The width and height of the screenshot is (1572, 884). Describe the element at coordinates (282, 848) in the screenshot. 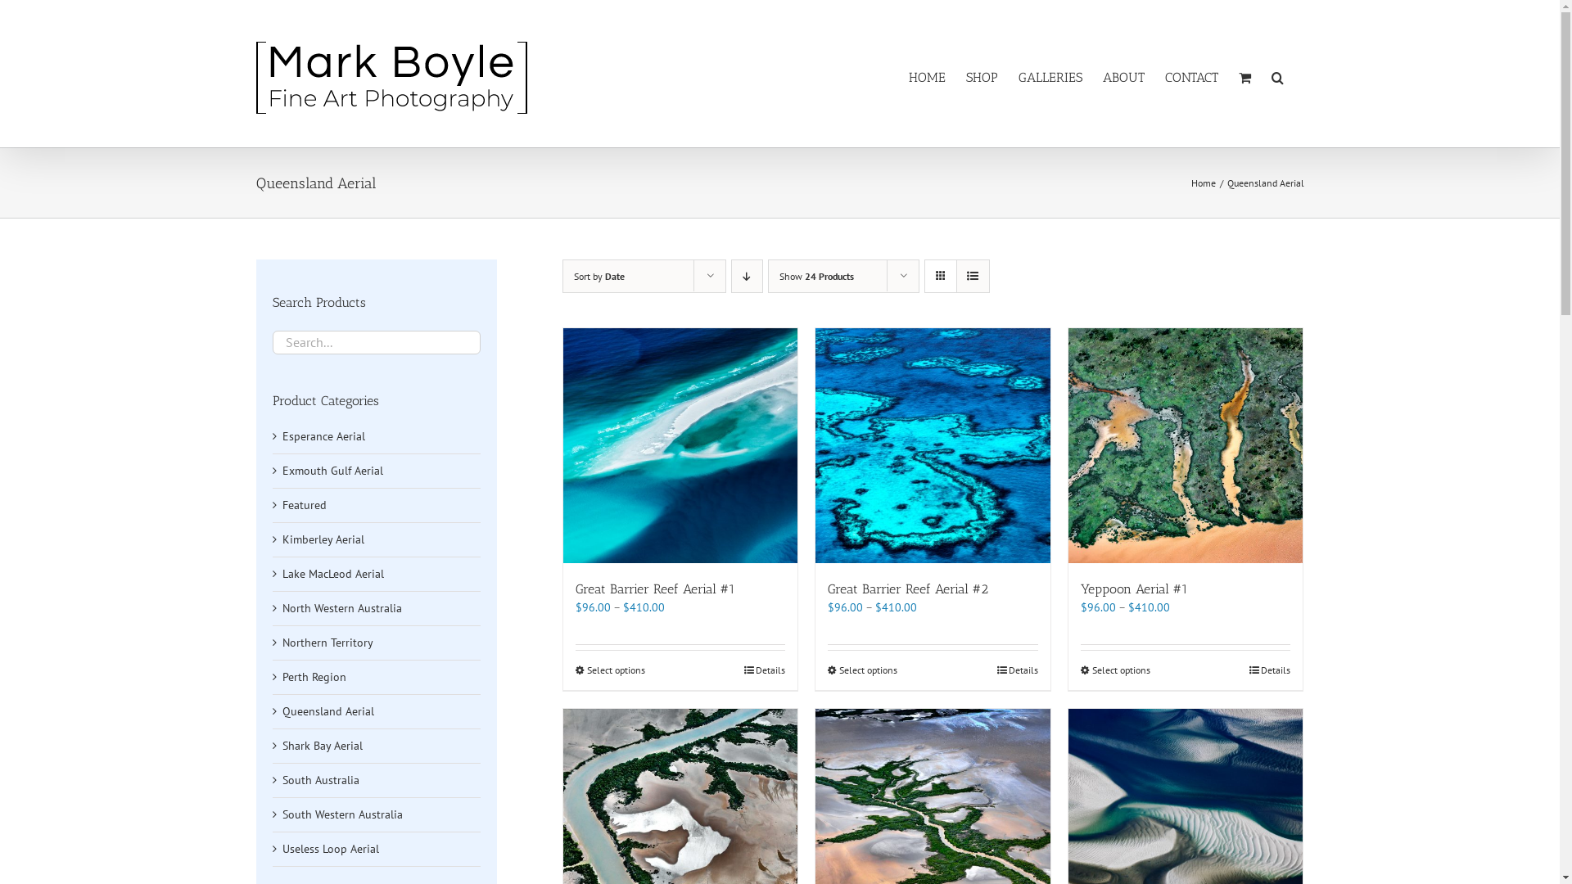

I see `'Useless Loop Aerial'` at that location.